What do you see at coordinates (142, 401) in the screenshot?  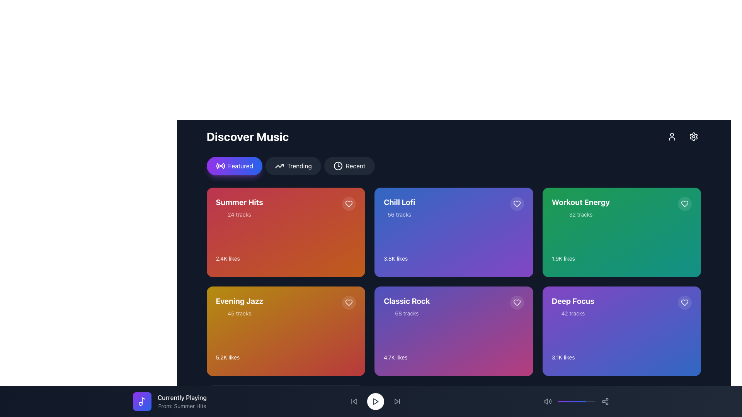 I see `the appearance of the rounded square icon with a gradient background from purple to blue and a white musical note symbol, located near the bottom left of the interface, next to the text components 'Currently Playing' and 'From: Summer Hits'` at bounding box center [142, 401].